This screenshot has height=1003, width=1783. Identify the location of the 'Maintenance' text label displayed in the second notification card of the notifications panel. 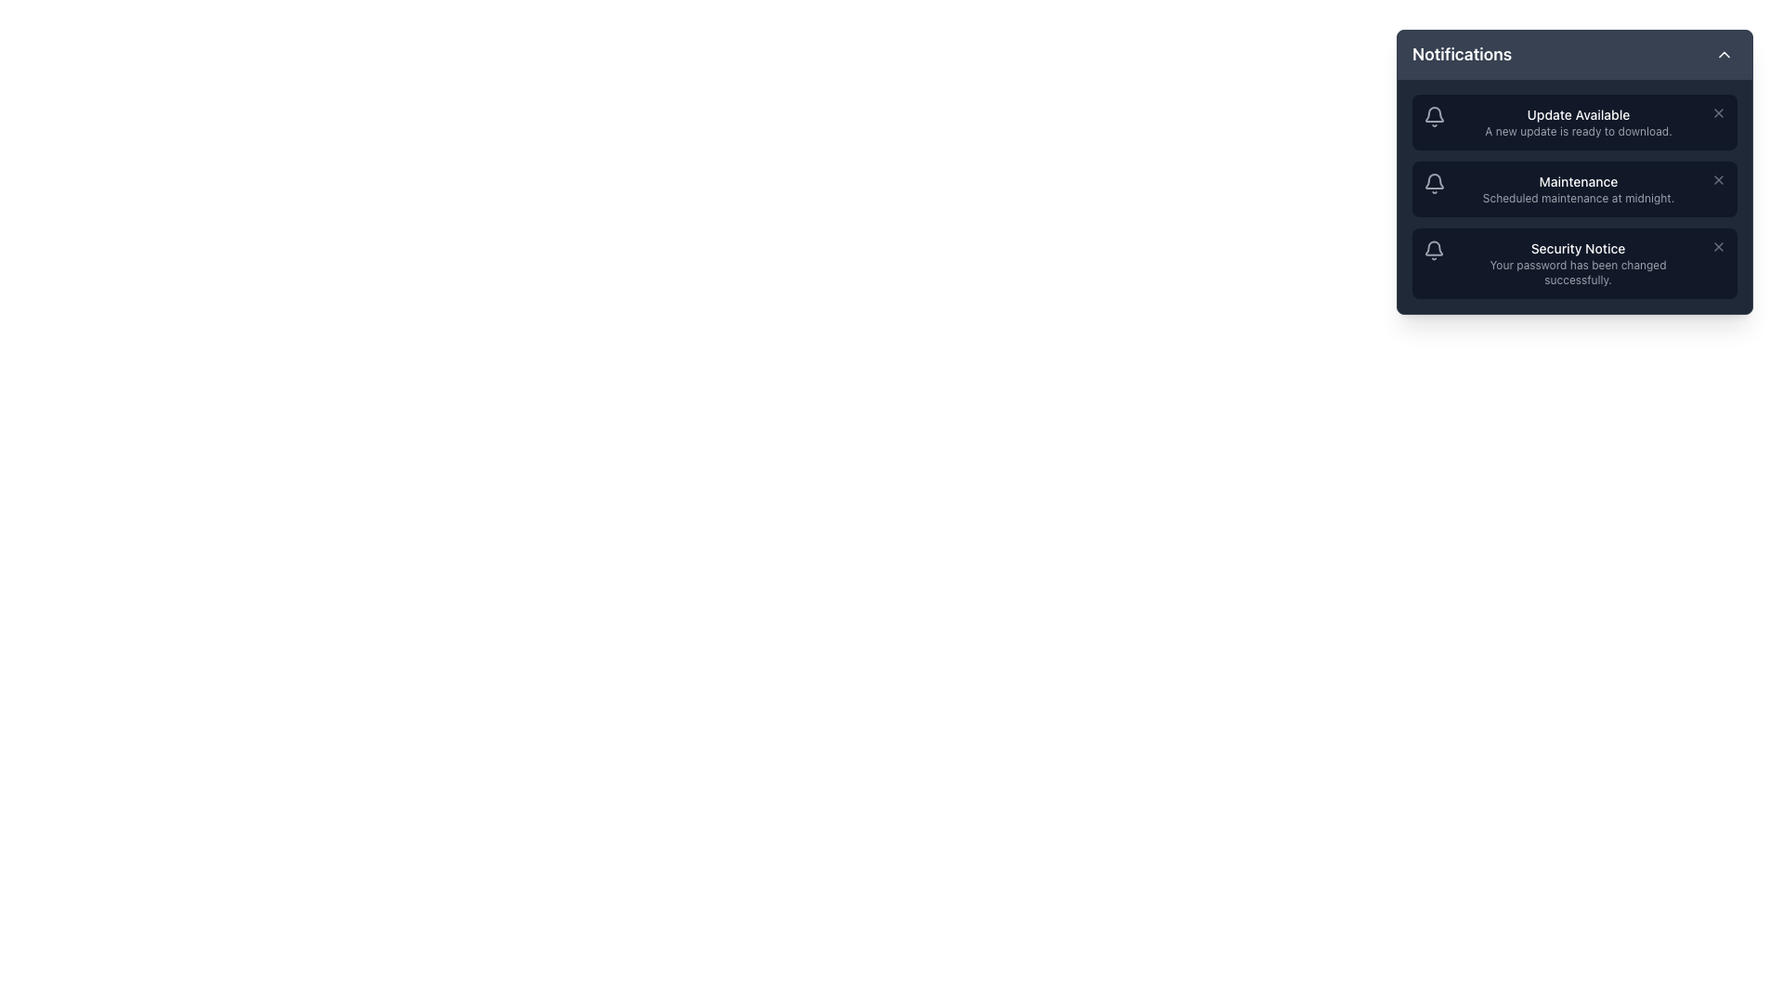
(1577, 182).